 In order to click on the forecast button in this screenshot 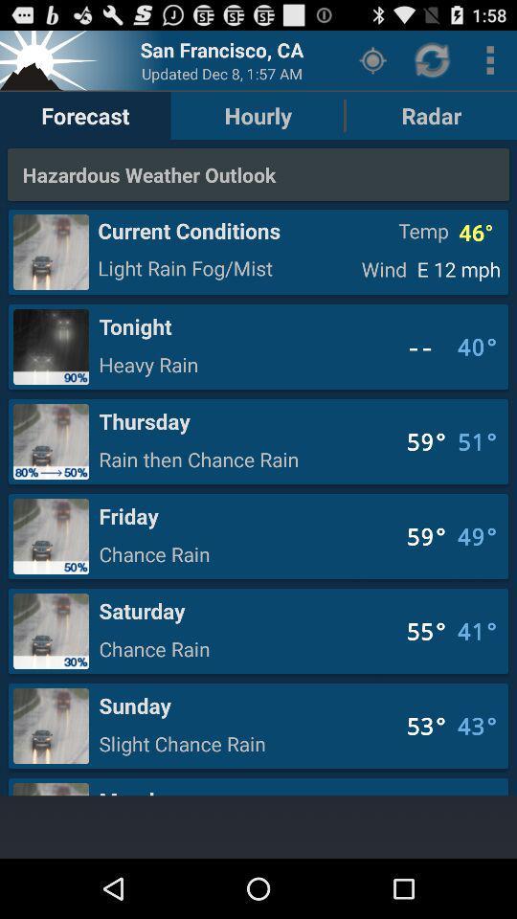, I will do `click(84, 115)`.